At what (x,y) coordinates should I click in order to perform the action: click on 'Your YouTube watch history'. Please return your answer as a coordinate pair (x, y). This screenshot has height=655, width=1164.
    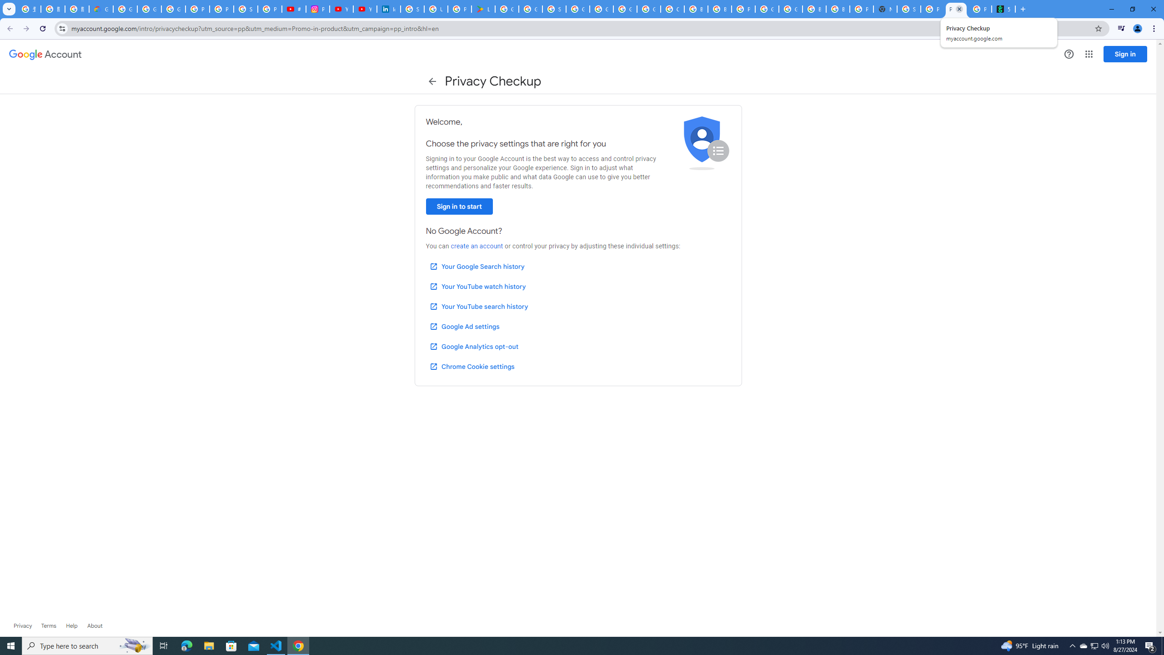
    Looking at the image, I should click on (477, 286).